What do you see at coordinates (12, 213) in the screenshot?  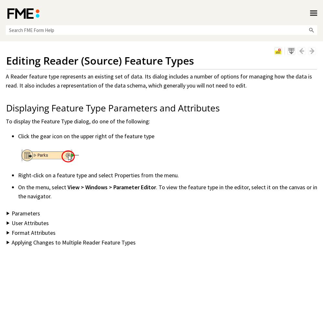 I see `'Parameters'` at bounding box center [12, 213].